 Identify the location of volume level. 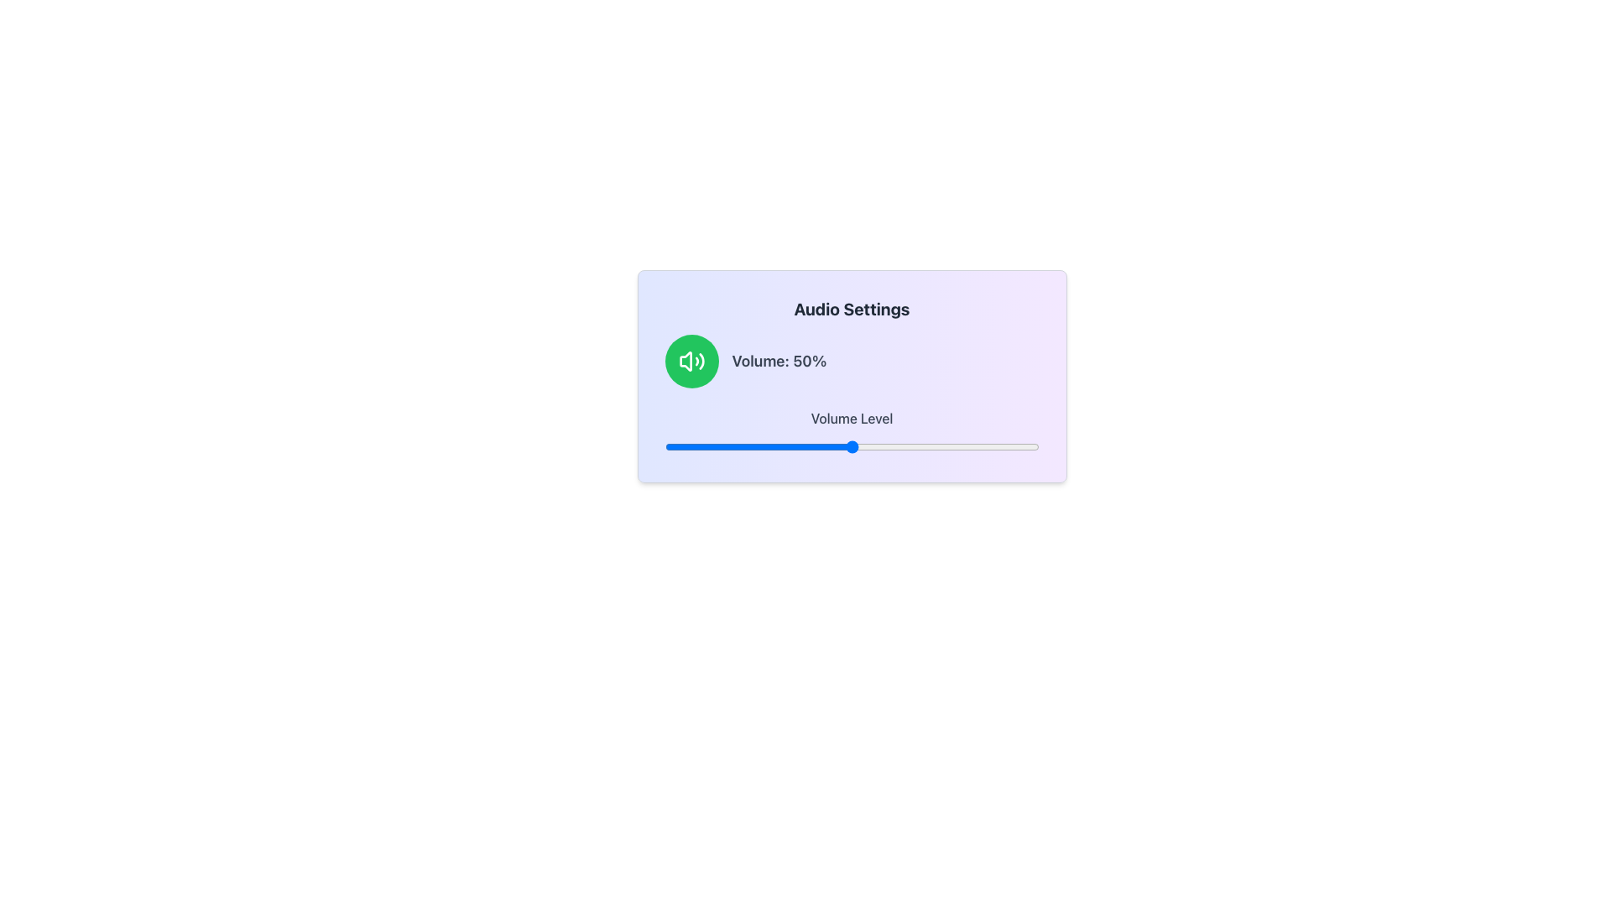
(724, 445).